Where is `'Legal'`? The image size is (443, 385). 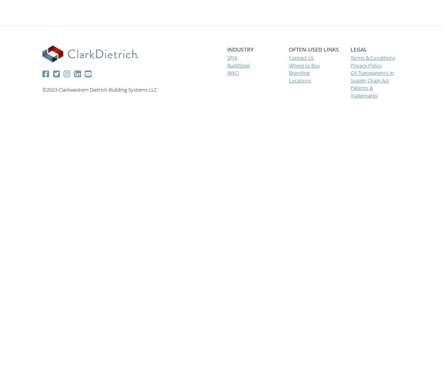
'Legal' is located at coordinates (358, 49).